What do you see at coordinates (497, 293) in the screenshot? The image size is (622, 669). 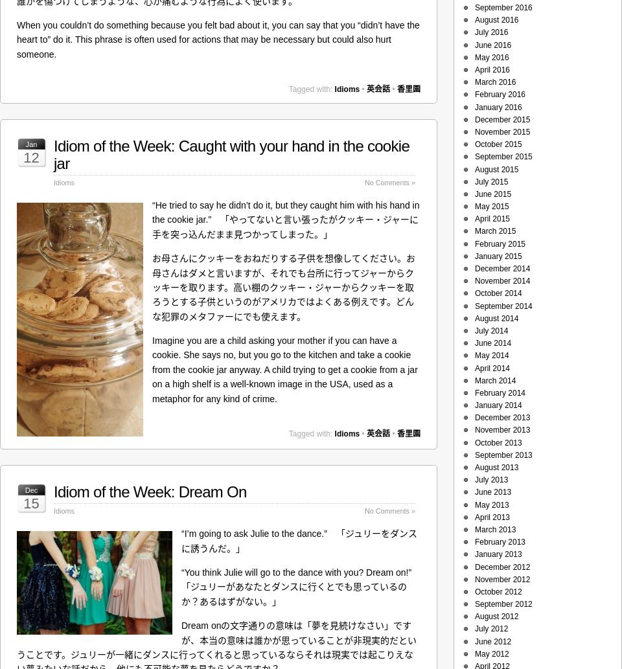 I see `'October 2014'` at bounding box center [497, 293].